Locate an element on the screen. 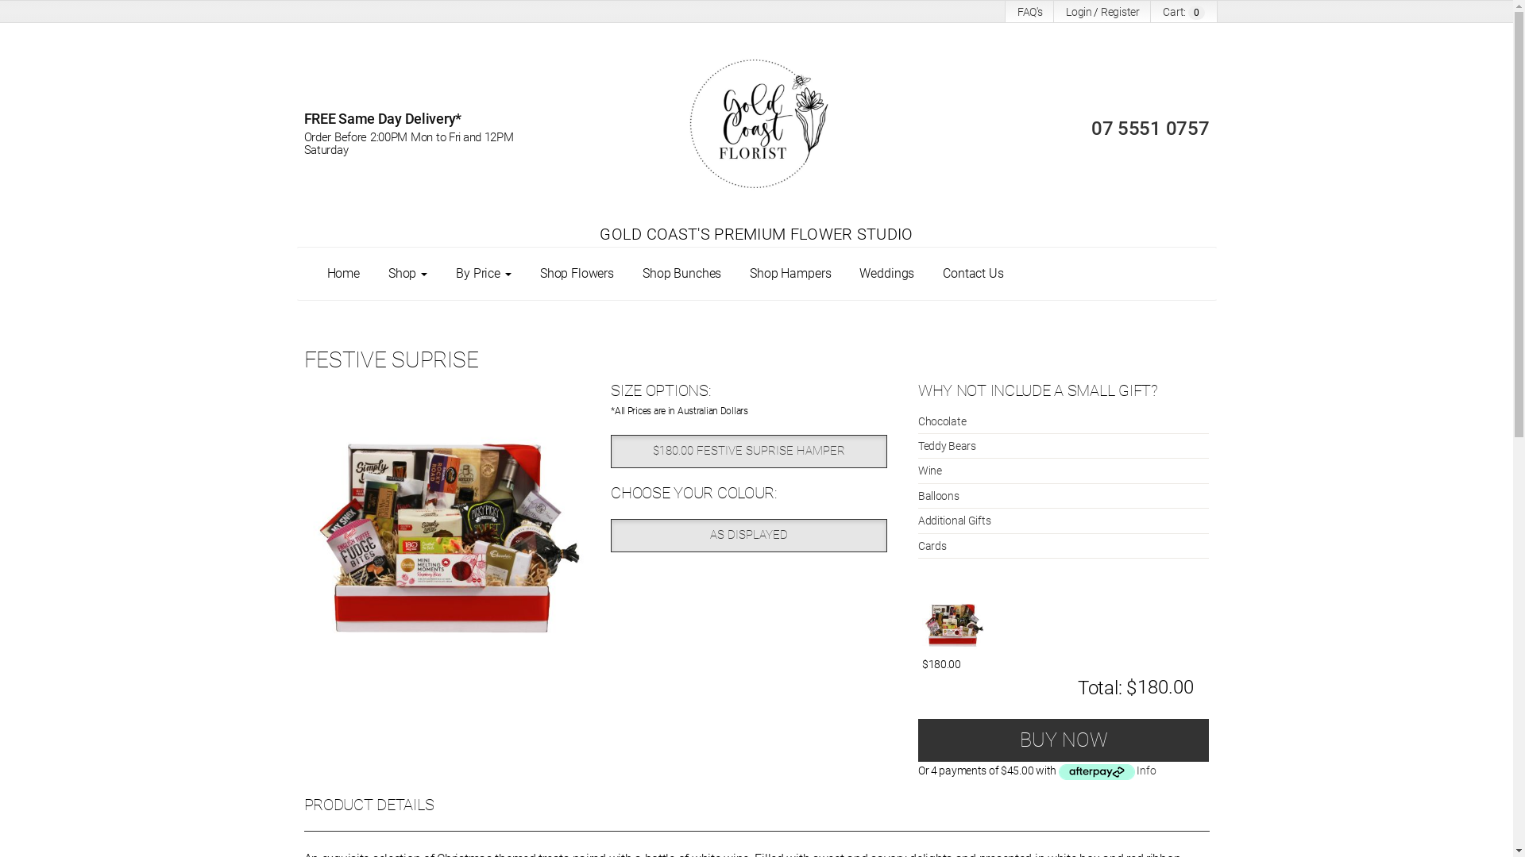 The width and height of the screenshot is (1525, 857). 'FAQ's' is located at coordinates (1029, 12).